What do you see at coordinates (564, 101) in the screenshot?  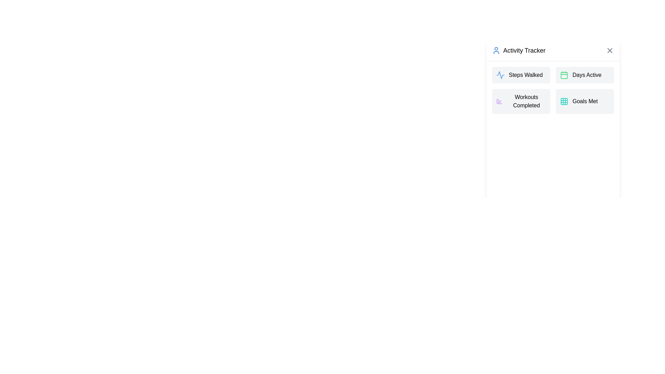 I see `the 3x3 grid icon with a teal outline located within the 'Goals Met' button in the 'Activity Tracker' panel` at bounding box center [564, 101].